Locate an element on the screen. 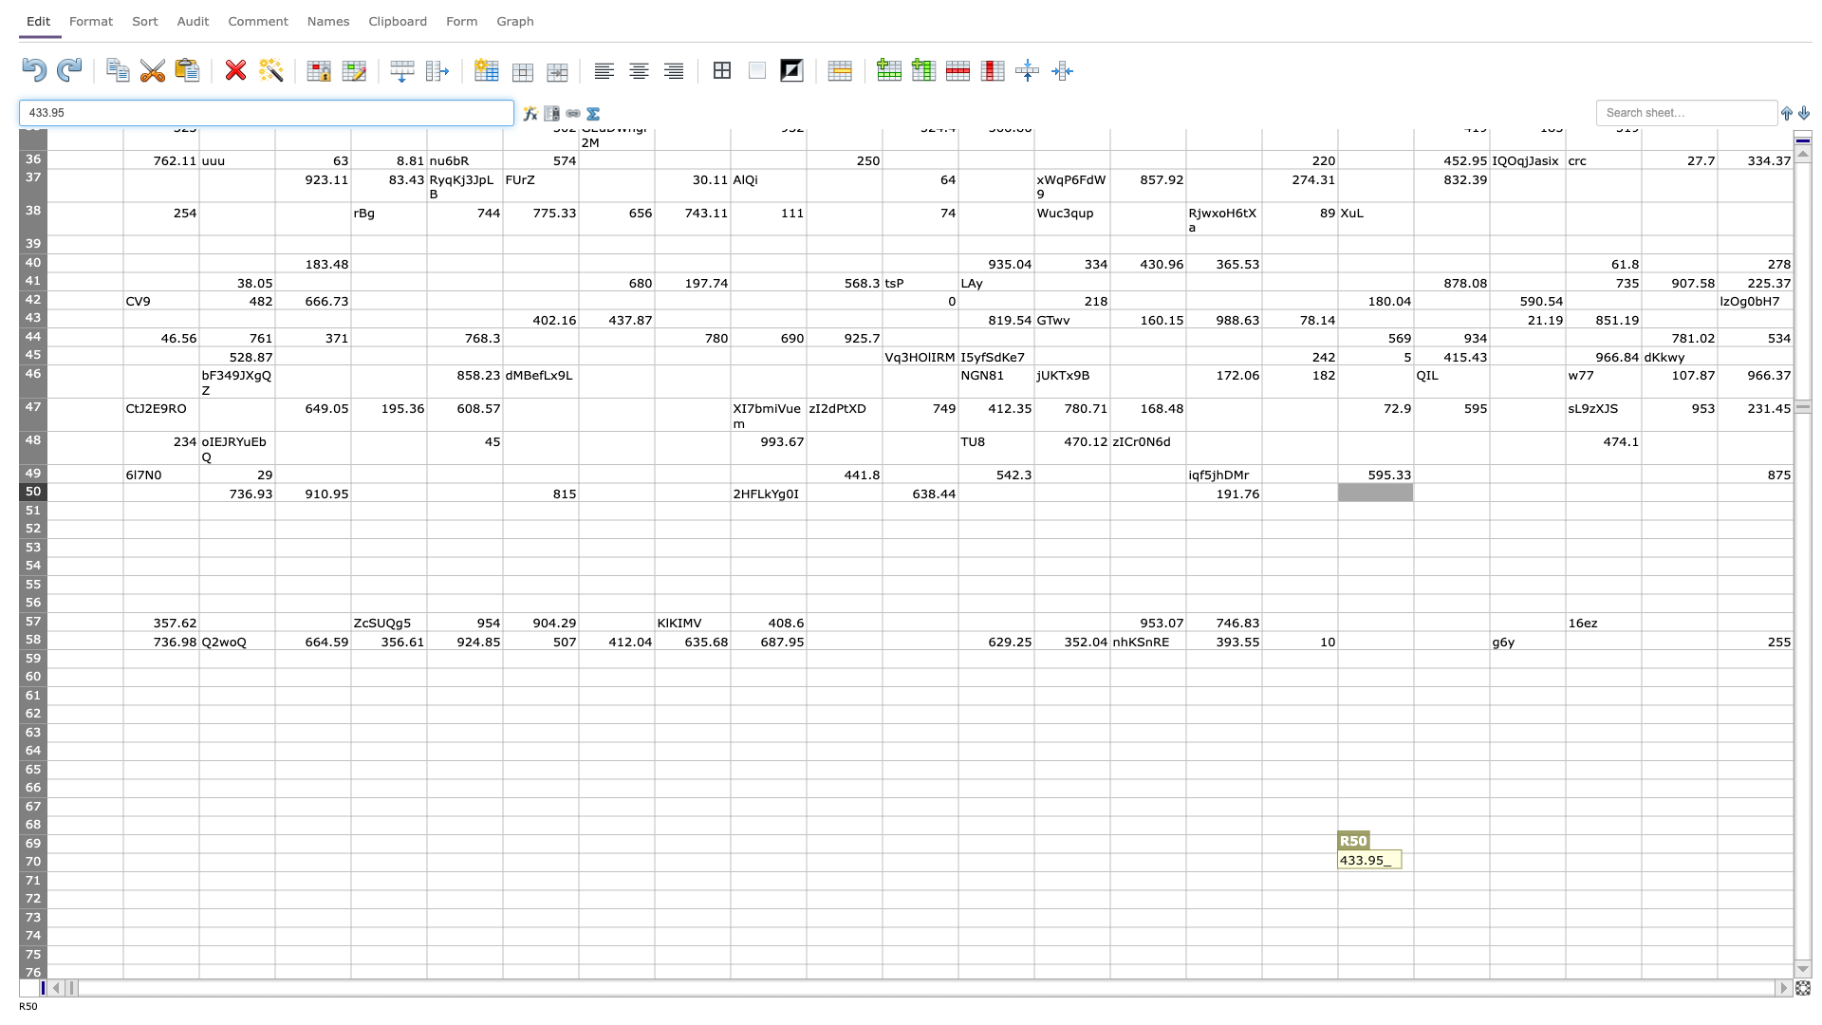  Series fill point of cell S70 is located at coordinates (1488, 871).